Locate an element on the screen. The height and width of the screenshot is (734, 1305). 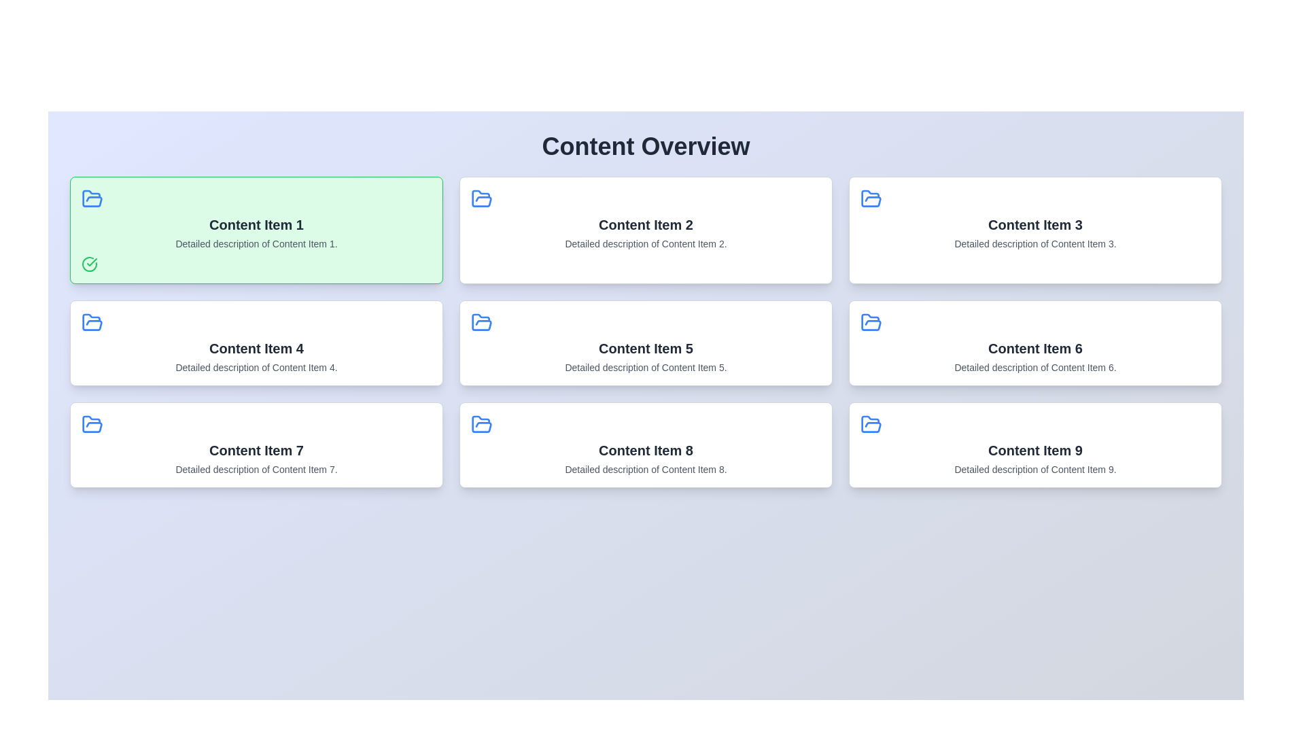
the green circle icon with a white checkmark located at the bottom left corner of the 'Content Item 1' card is located at coordinates (89, 264).